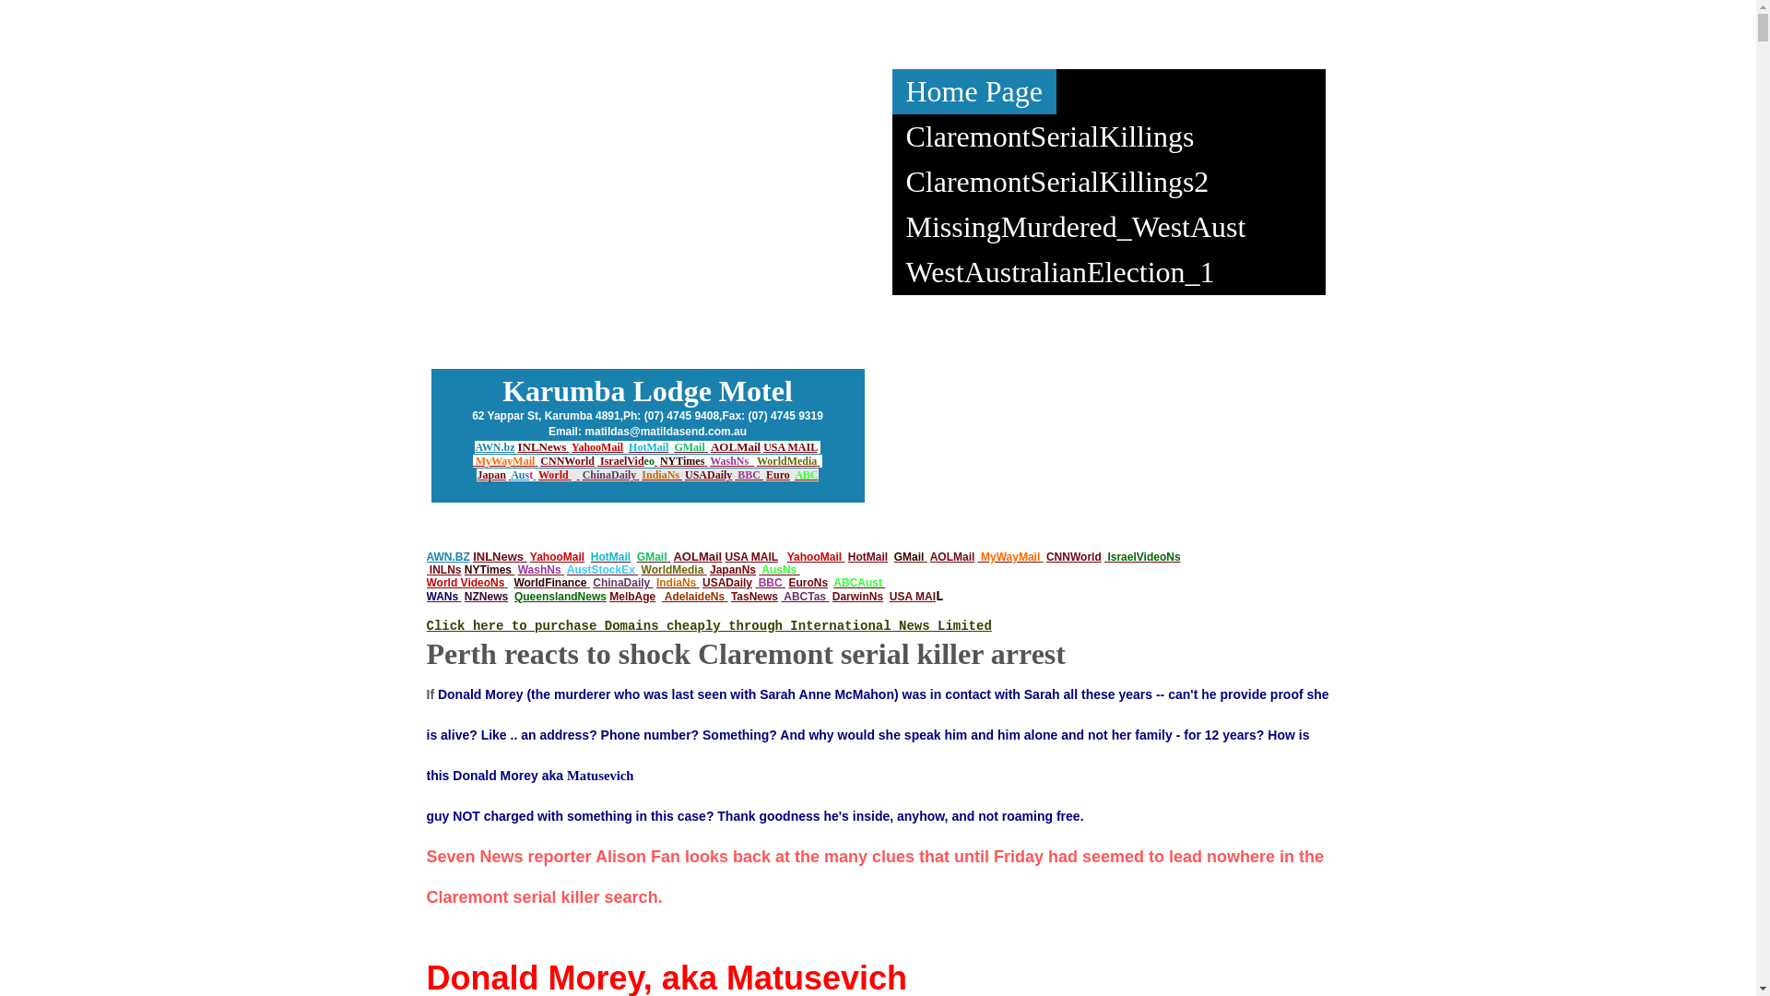 The width and height of the screenshot is (1770, 996). I want to click on 'World', so click(552, 474).